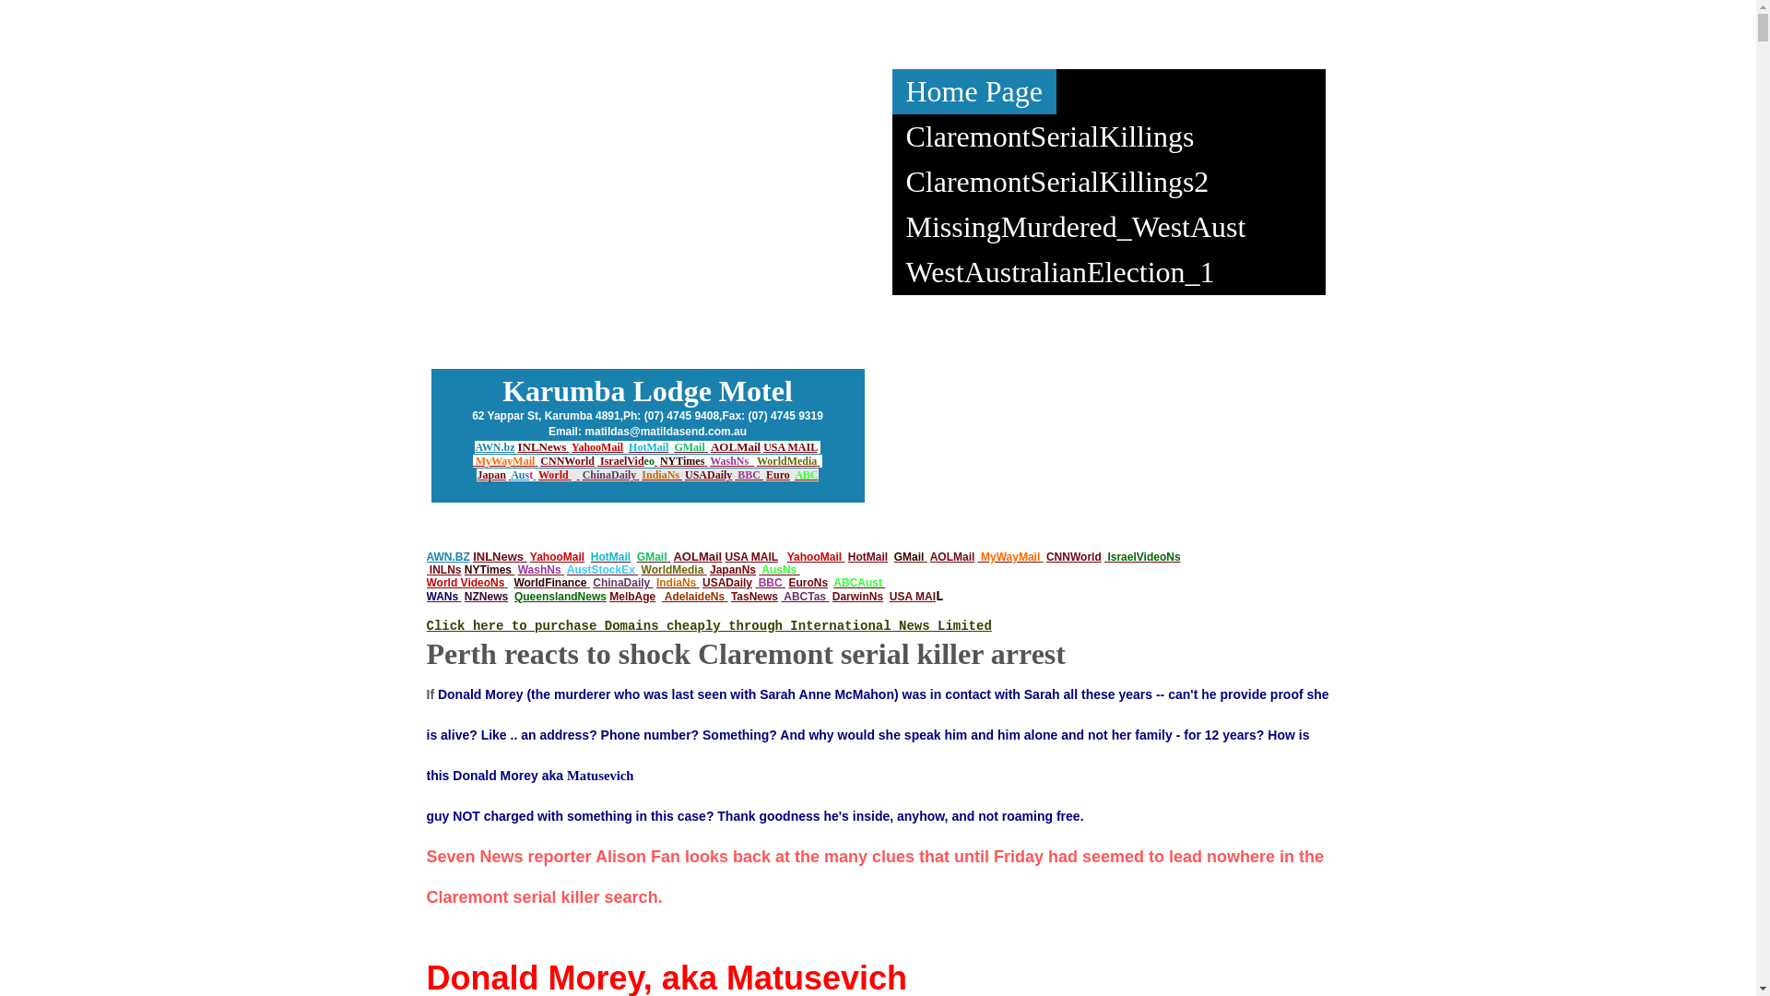 The width and height of the screenshot is (1770, 996). I want to click on 'World', so click(552, 474).